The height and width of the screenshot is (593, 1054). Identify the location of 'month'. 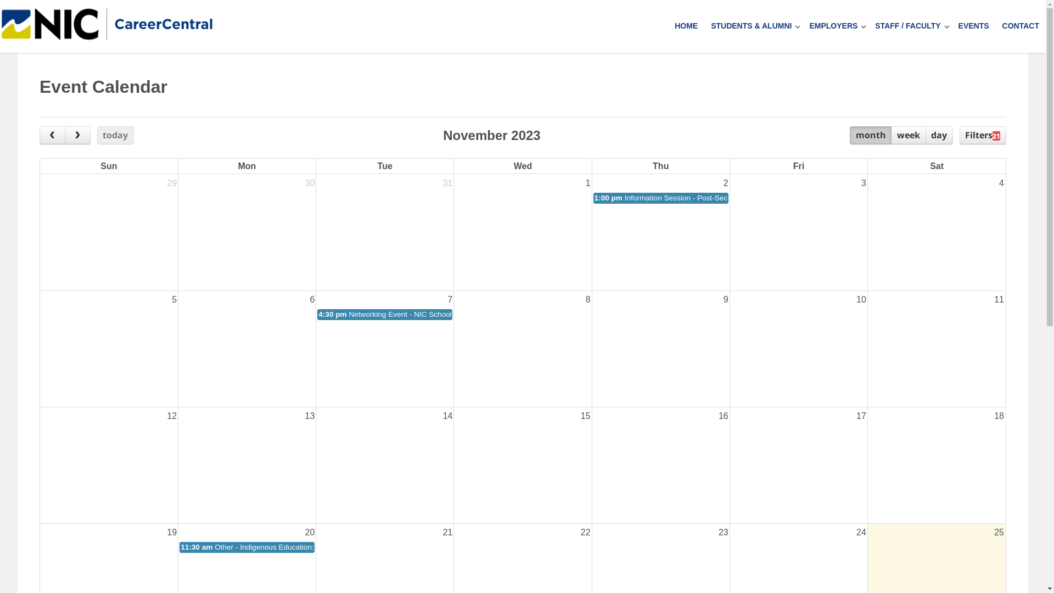
(870, 135).